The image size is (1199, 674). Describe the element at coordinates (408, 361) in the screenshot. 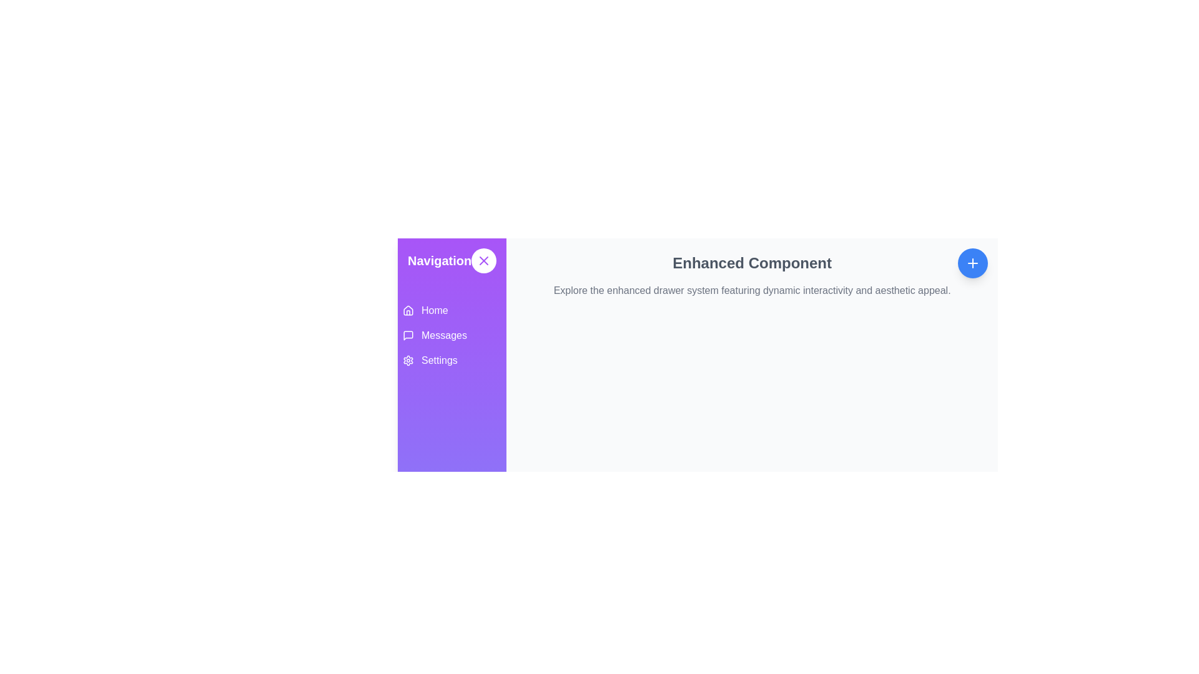

I see `the settings icon located in the vertical navigation panel on the left side of the interface` at that location.